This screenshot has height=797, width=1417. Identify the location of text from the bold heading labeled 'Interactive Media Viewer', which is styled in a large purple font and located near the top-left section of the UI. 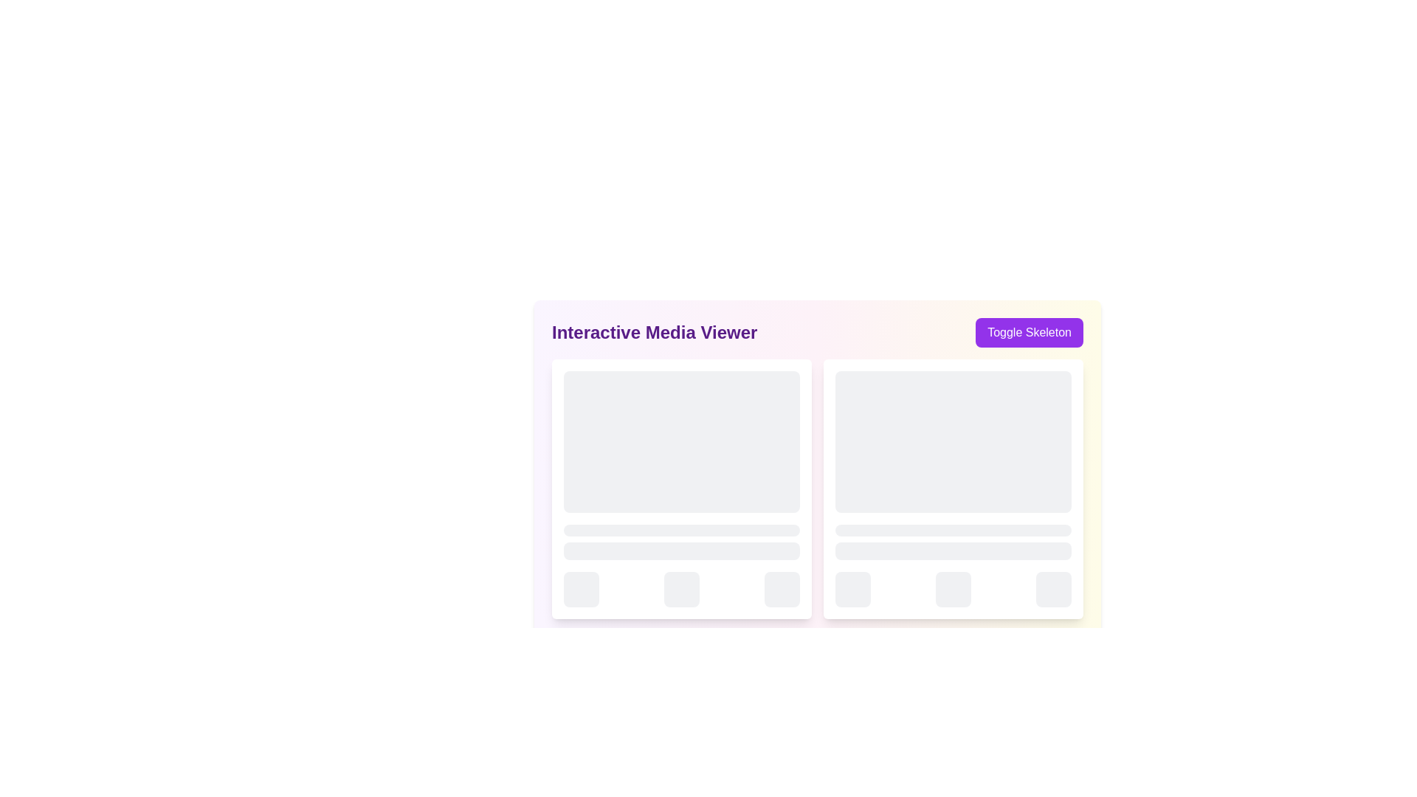
(654, 333).